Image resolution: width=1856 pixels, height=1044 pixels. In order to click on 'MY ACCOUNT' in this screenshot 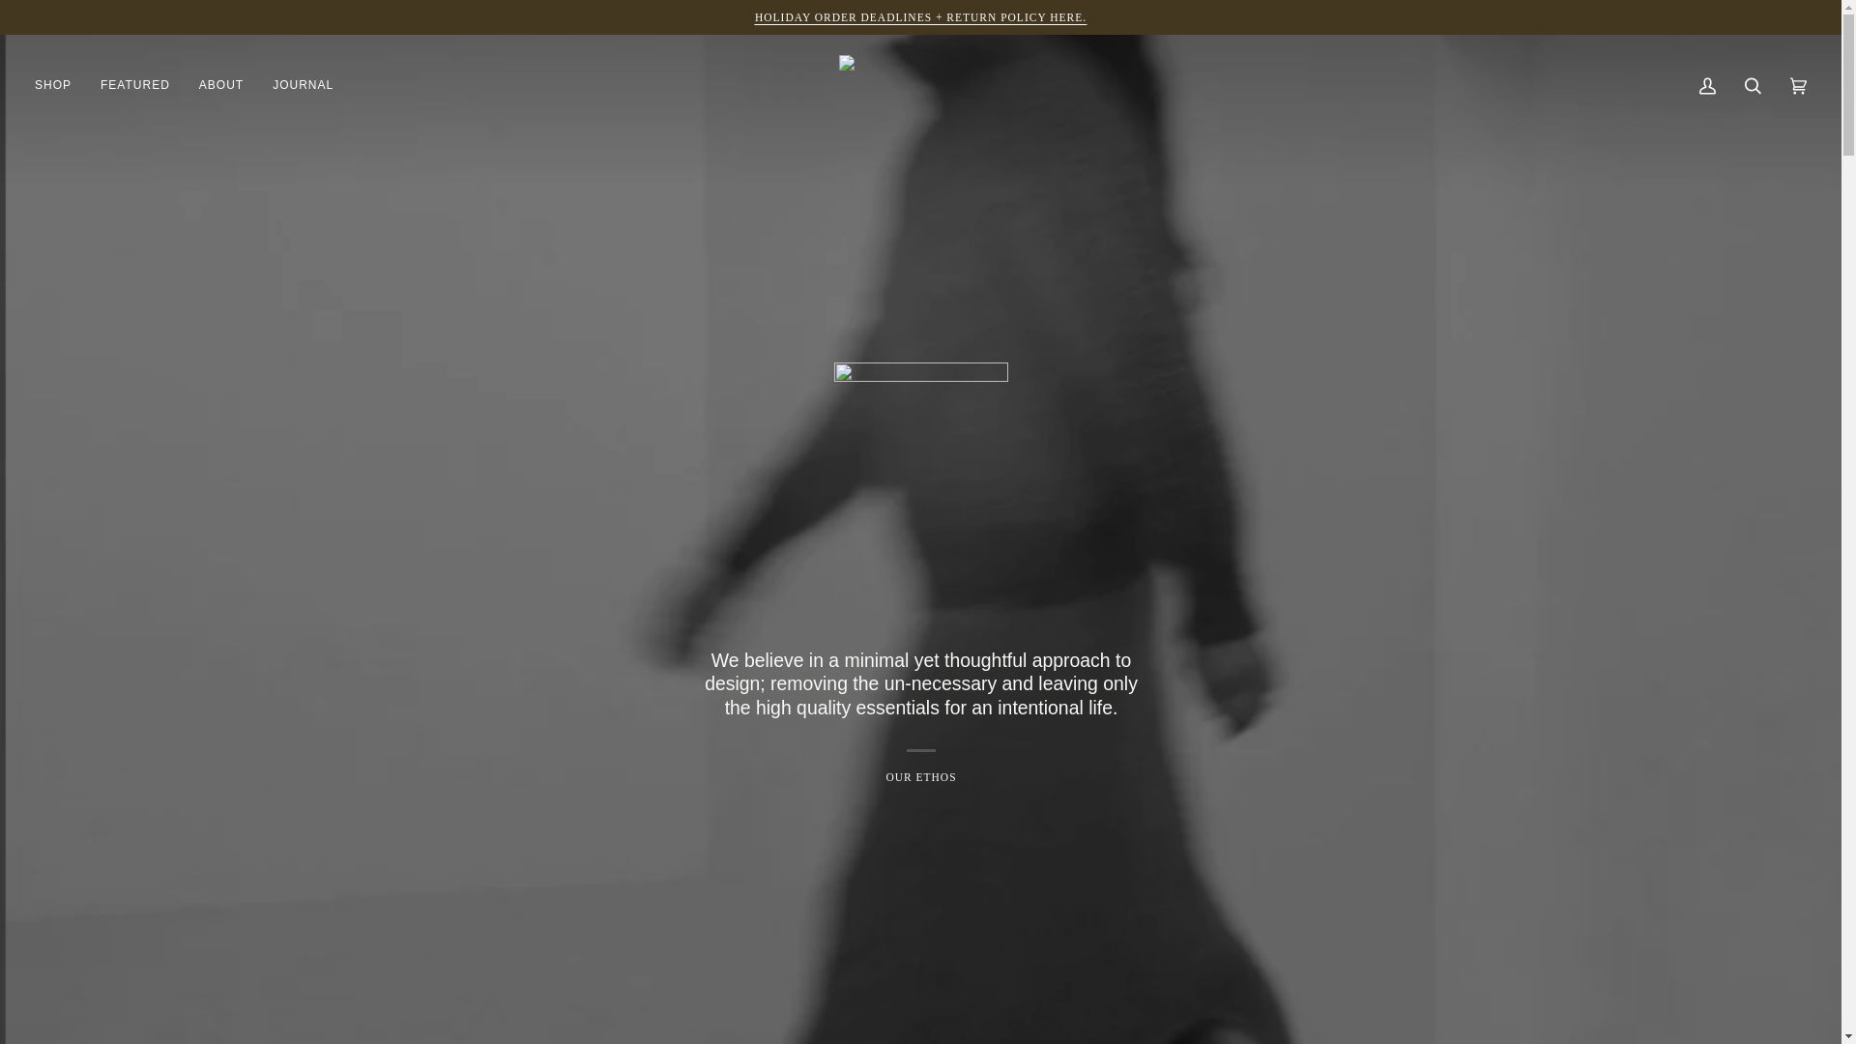, I will do `click(1707, 84)`.